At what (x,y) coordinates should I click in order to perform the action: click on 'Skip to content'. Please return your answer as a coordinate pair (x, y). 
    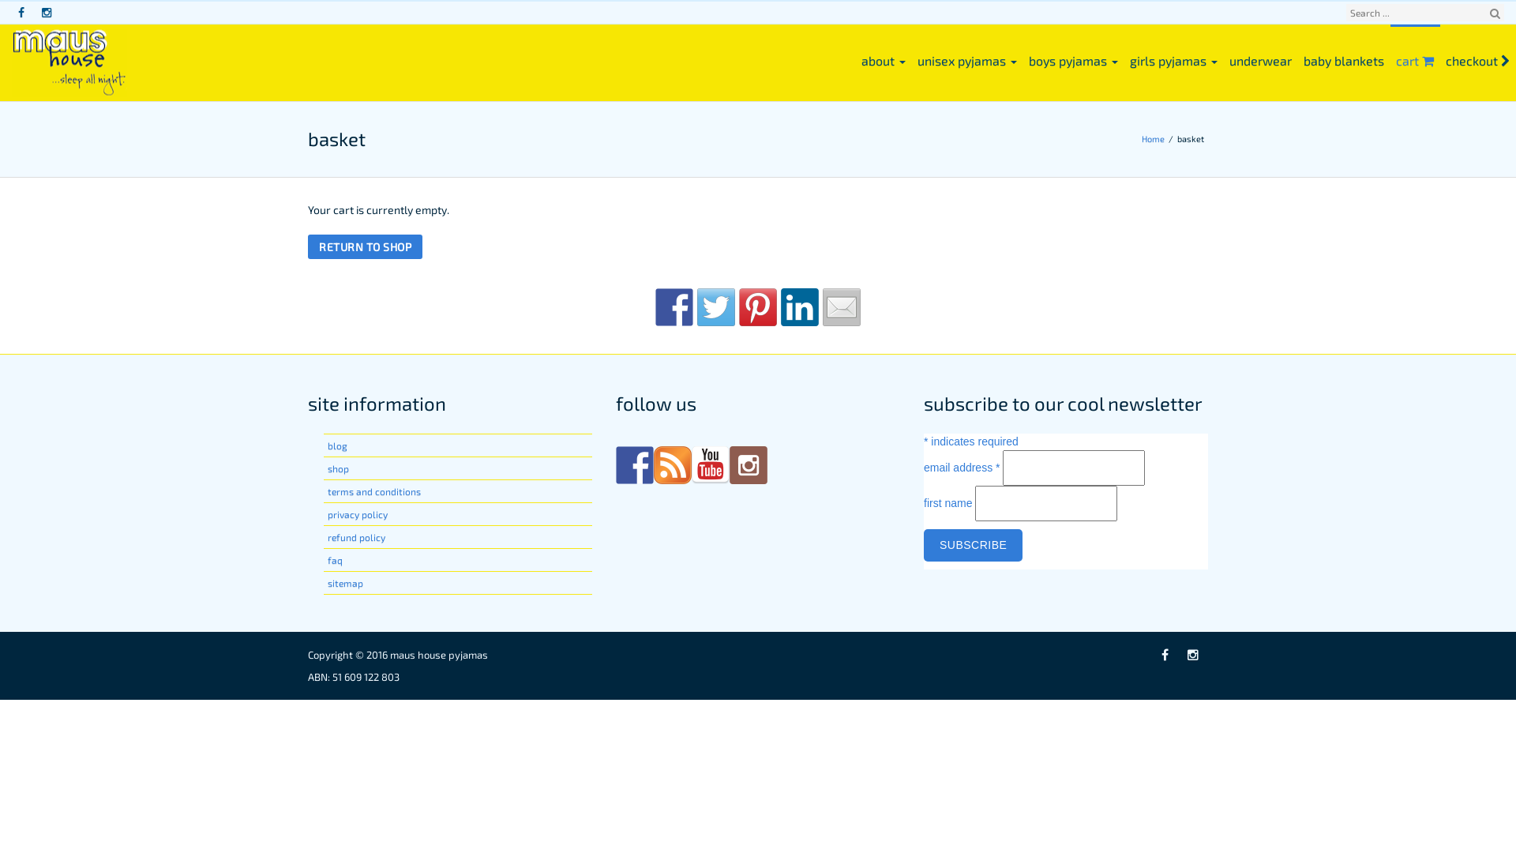
    Looking at the image, I should click on (0, 0).